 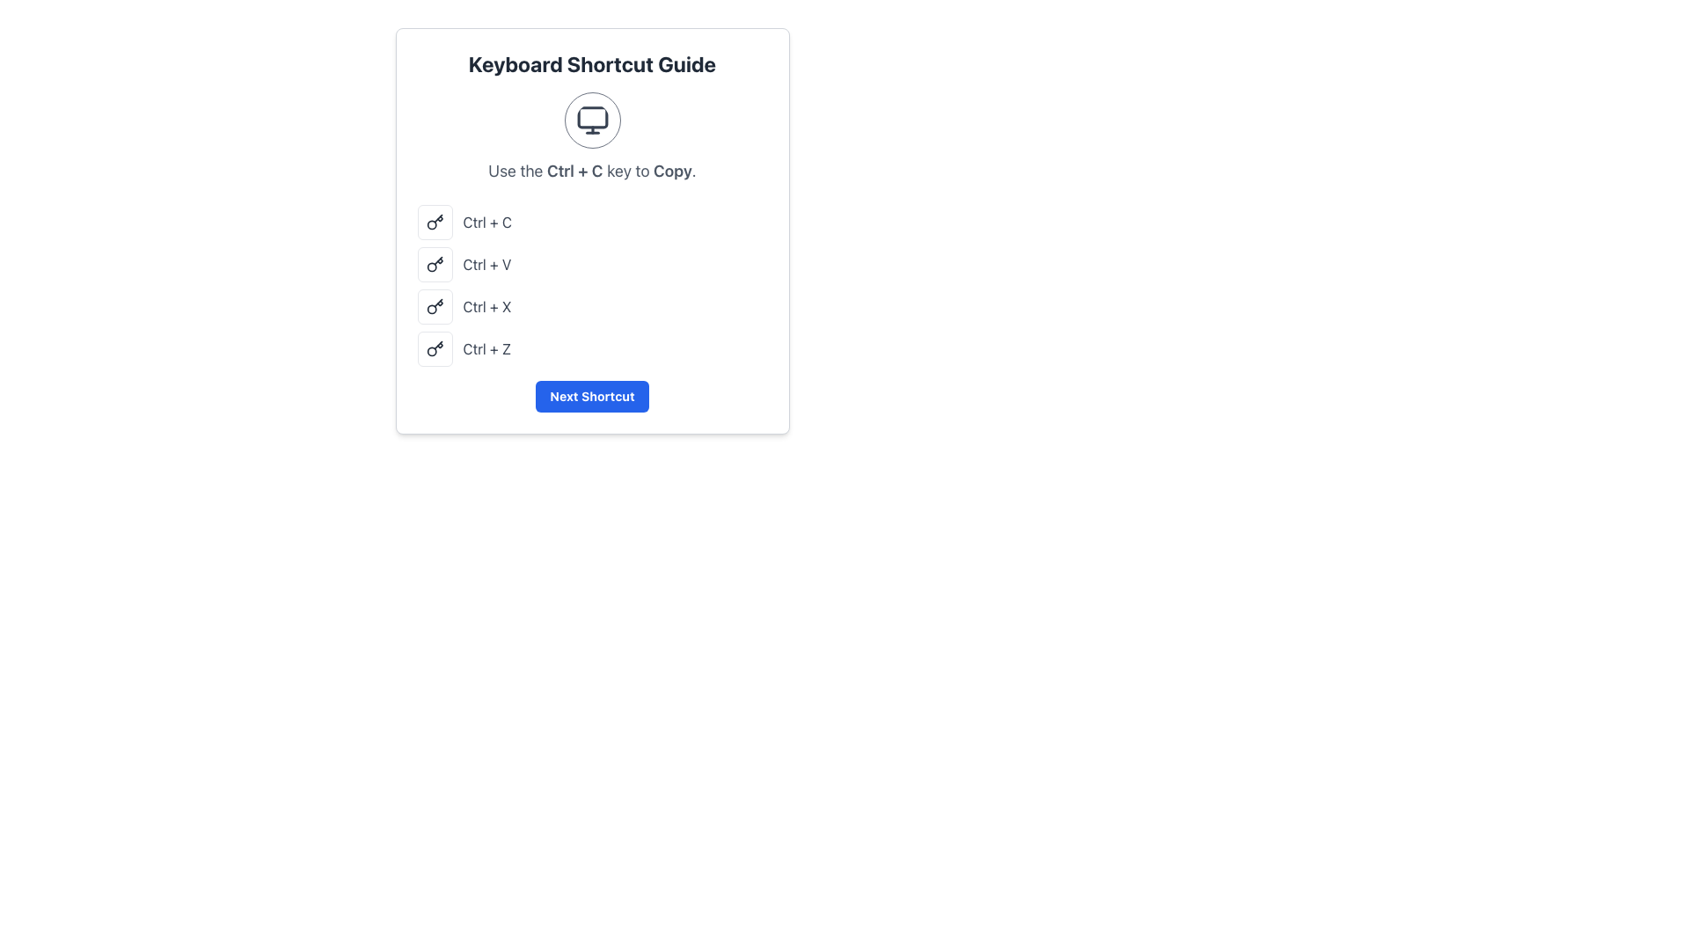 What do you see at coordinates (435, 264) in the screenshot?
I see `the second icon in the vertical list of key-related icons, which features a minimalist black key symbol on a white background with a thin border` at bounding box center [435, 264].